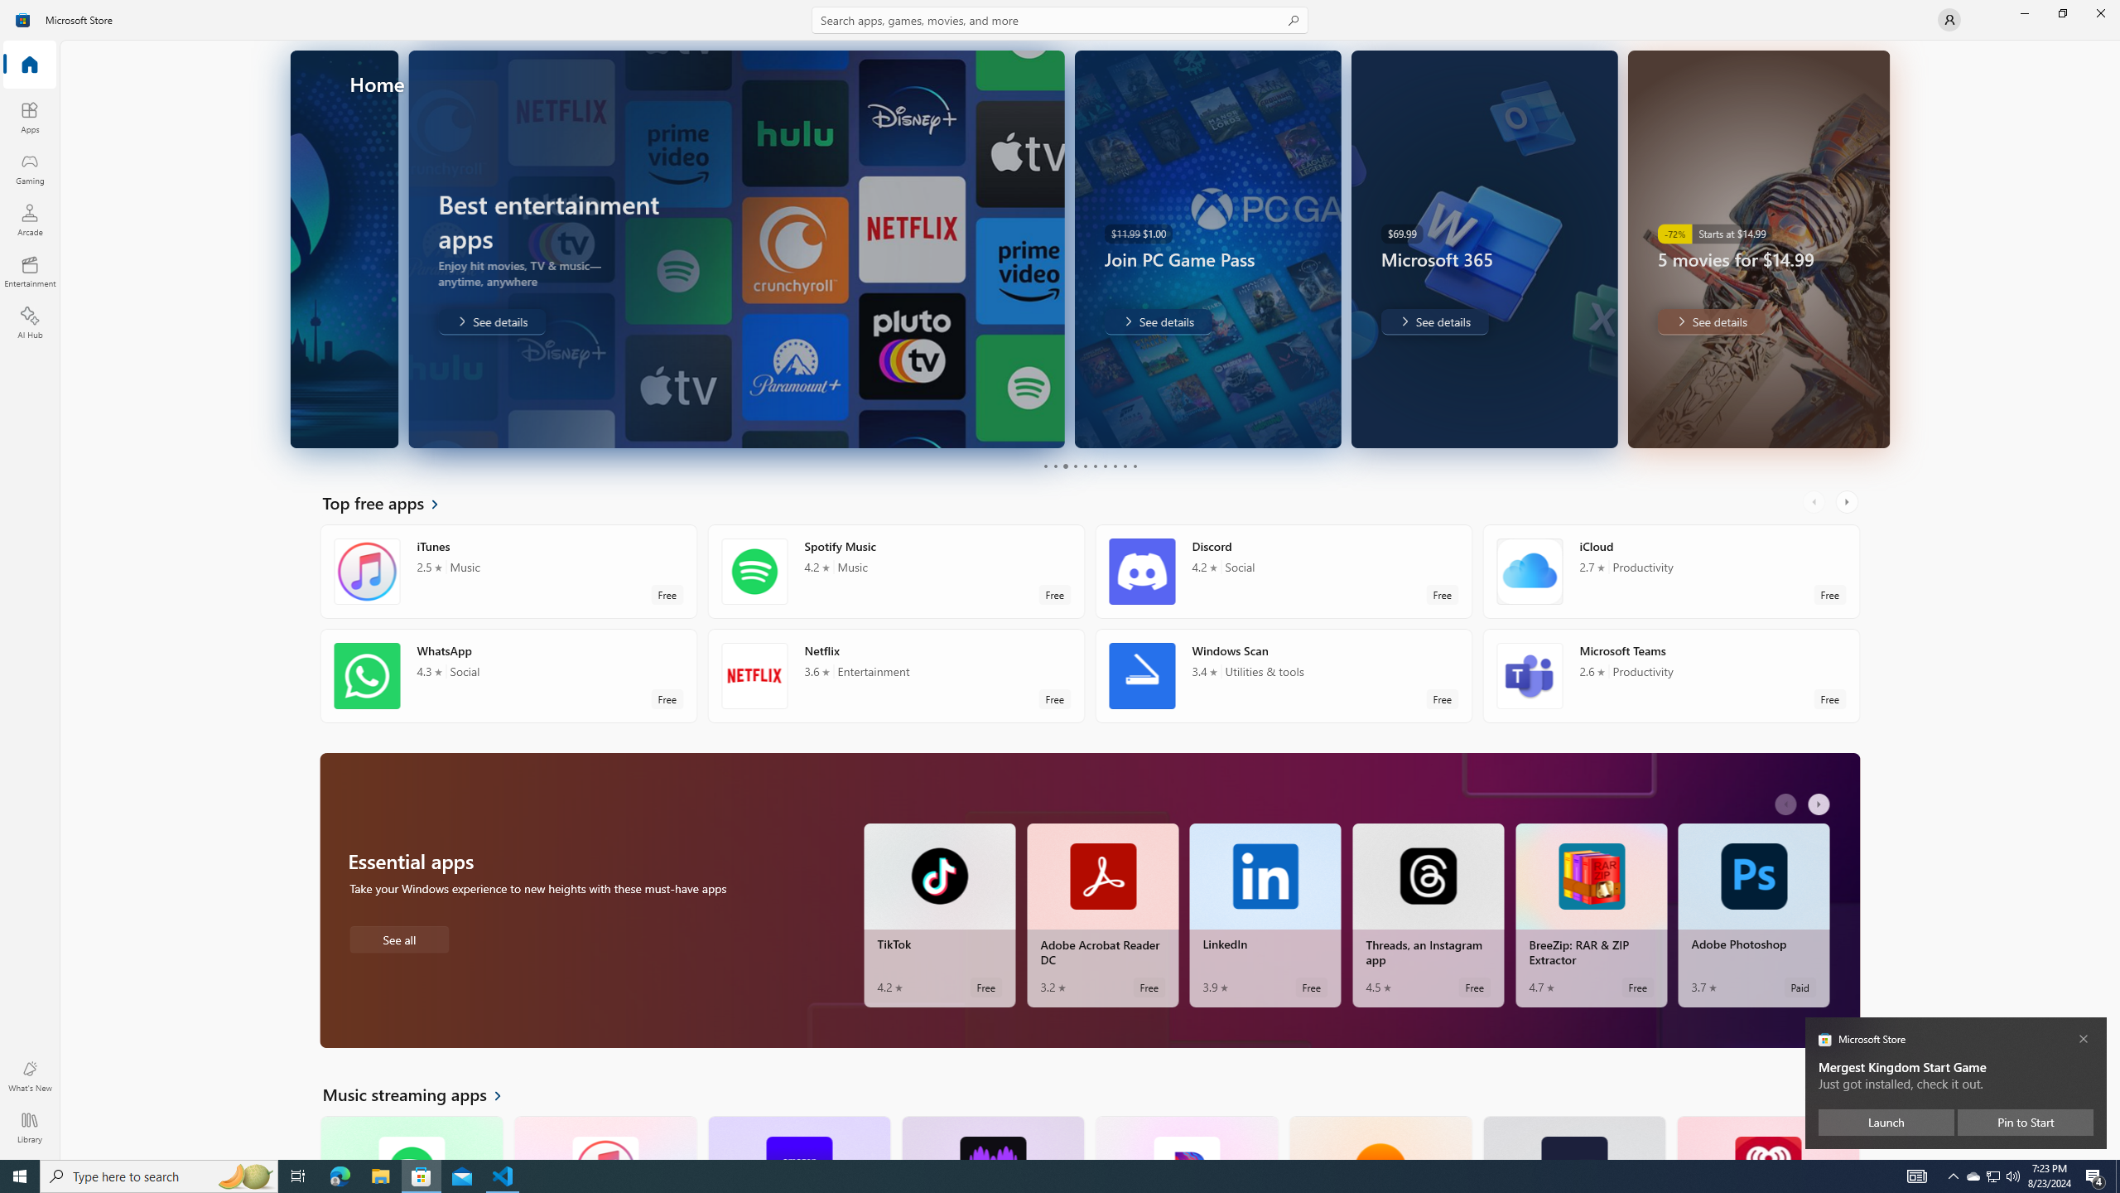  I want to click on 'Home', so click(28, 65).